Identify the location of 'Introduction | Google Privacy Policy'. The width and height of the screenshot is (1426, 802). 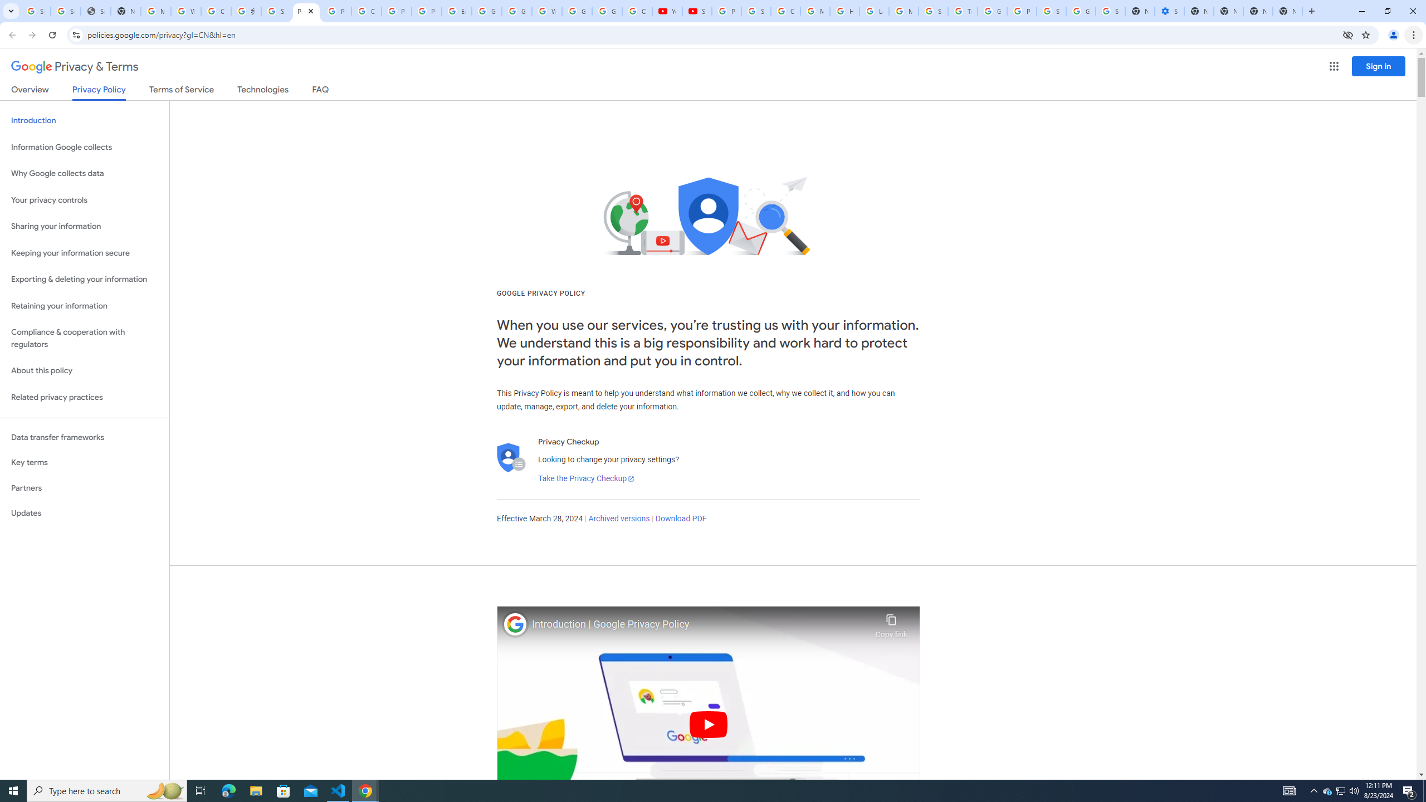
(700, 624).